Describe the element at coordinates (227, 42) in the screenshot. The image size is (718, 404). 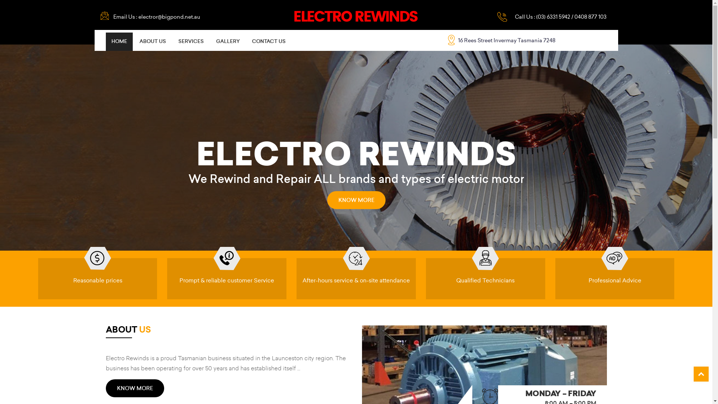
I see `'GALLERY'` at that location.